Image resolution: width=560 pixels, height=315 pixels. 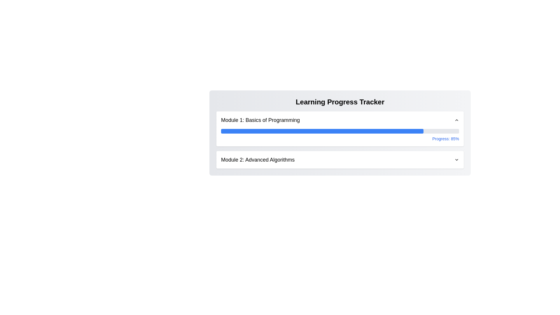 What do you see at coordinates (322, 131) in the screenshot?
I see `the progress bar representing 85% completion of Module 1 located under the 'Module 1: Basics of Programming' section` at bounding box center [322, 131].